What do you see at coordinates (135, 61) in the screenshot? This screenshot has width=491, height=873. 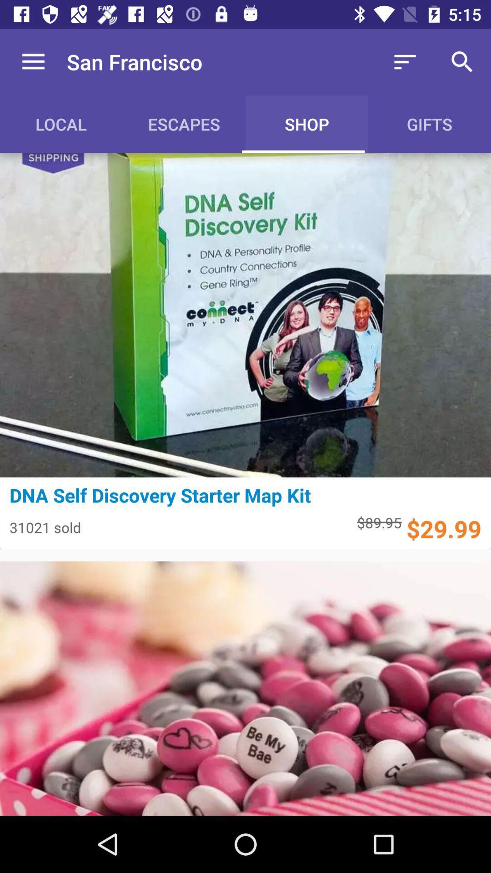 I see `the san francisco icon` at bounding box center [135, 61].